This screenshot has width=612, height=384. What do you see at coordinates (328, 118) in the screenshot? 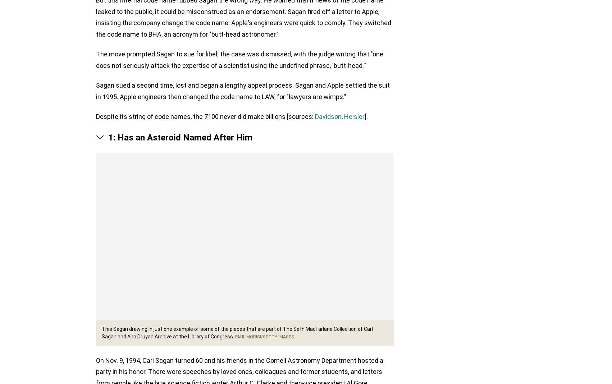
I see `'Davidson'` at bounding box center [328, 118].